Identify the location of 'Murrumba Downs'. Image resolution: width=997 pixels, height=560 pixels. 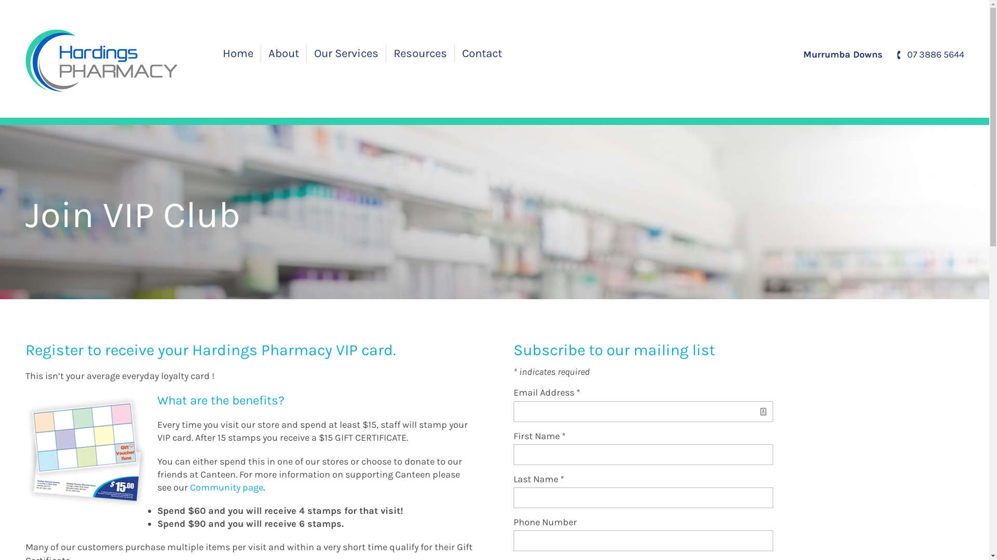
(842, 54).